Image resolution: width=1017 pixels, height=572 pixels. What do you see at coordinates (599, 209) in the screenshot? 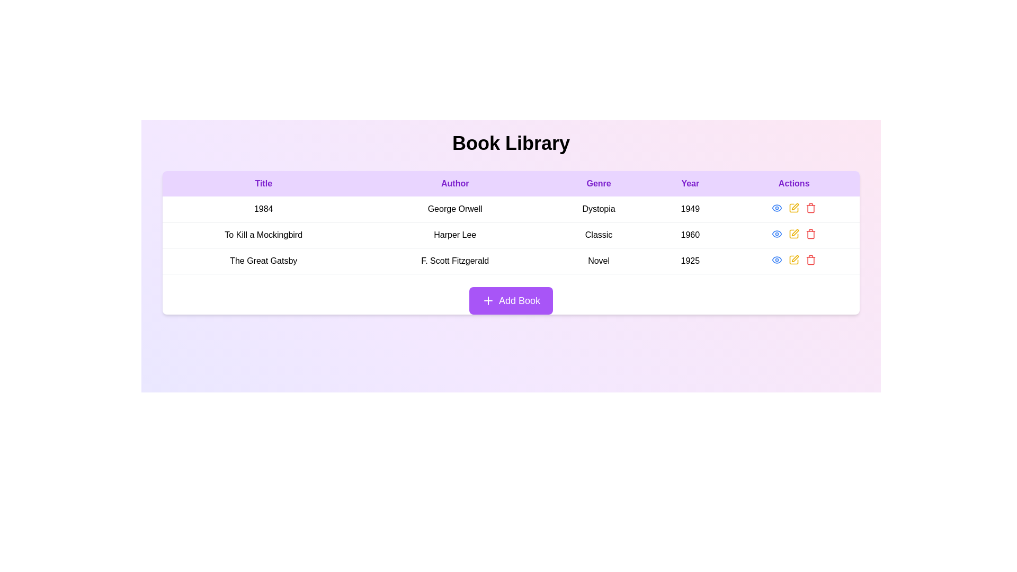
I see `the Text label displaying the genre of the book '1984', located in the first row of the book listing table, adjacent to 'George Orwell' in the 'Author' column and '1949' in the 'Year' column` at bounding box center [599, 209].